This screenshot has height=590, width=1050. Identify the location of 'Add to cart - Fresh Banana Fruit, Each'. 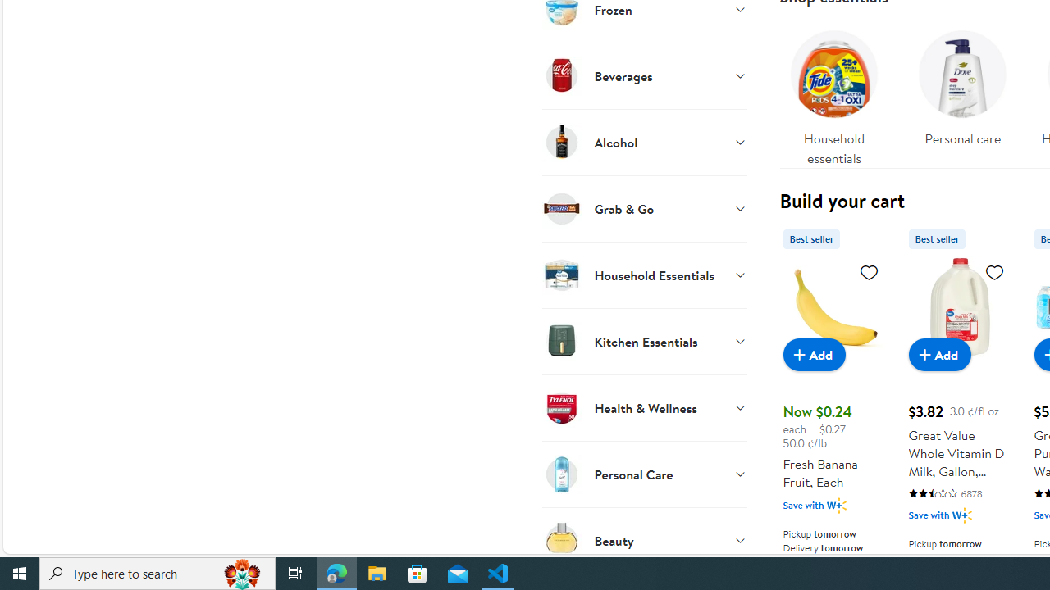
(814, 353).